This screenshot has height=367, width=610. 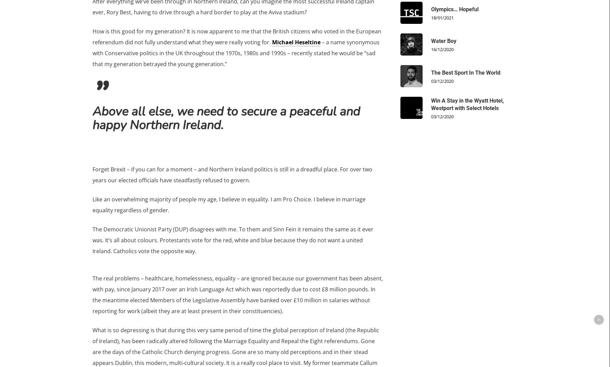 What do you see at coordinates (398, 208) in the screenshot?
I see `'Privacy Policy'` at bounding box center [398, 208].